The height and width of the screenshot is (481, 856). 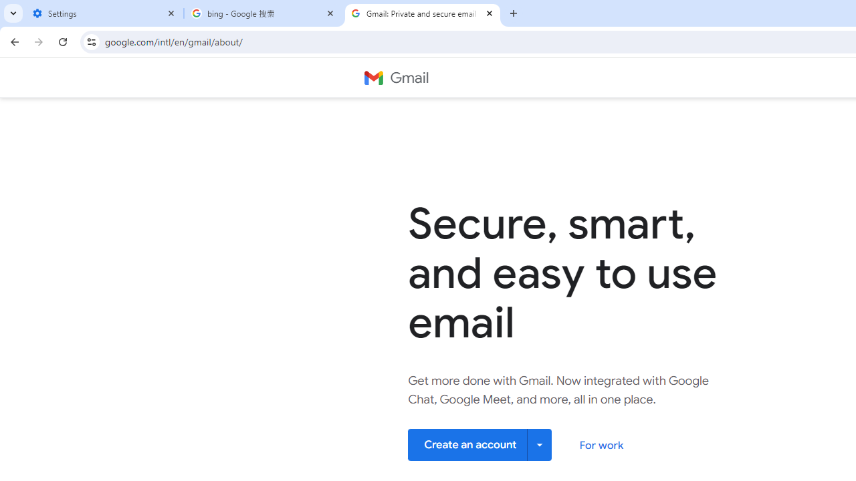 What do you see at coordinates (601, 445) in the screenshot?
I see `'For work'` at bounding box center [601, 445].